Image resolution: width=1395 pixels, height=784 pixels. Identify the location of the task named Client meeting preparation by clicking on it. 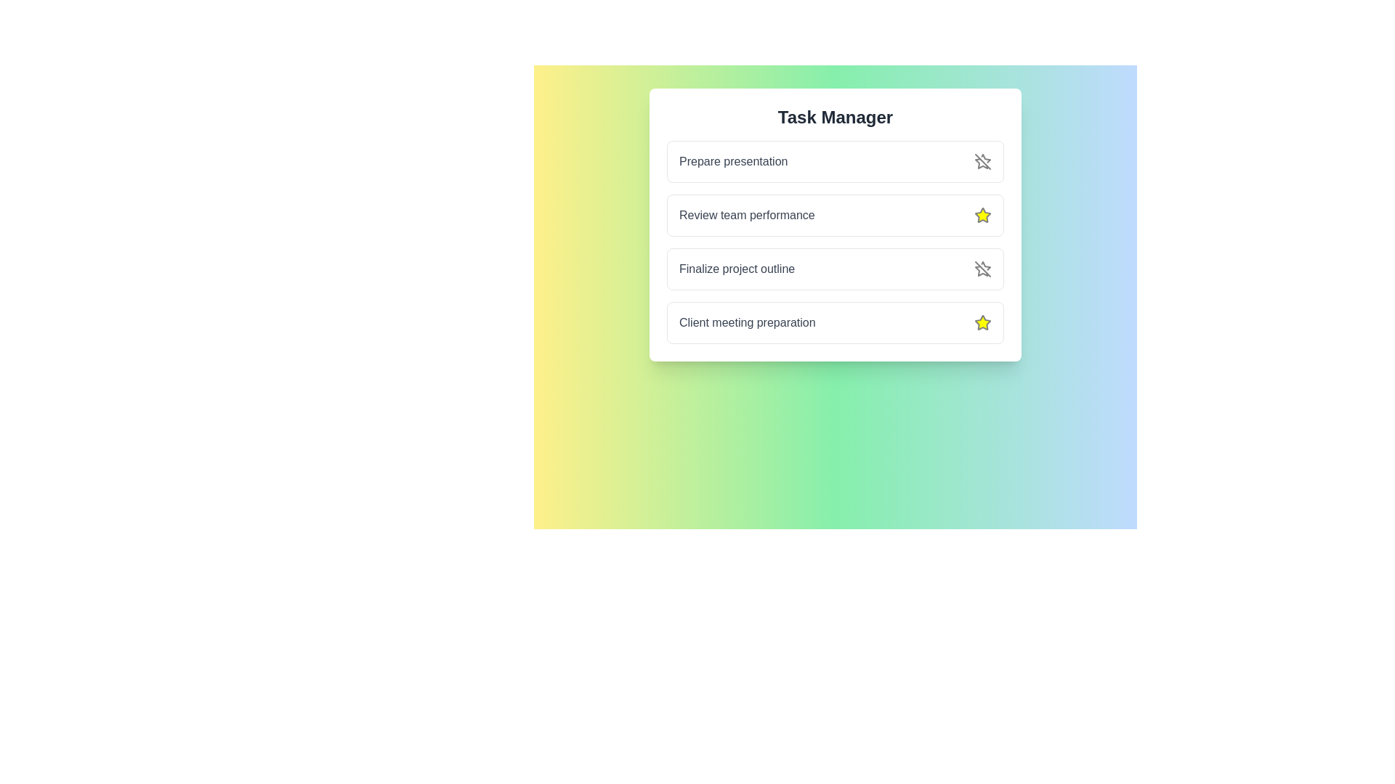
(747, 322).